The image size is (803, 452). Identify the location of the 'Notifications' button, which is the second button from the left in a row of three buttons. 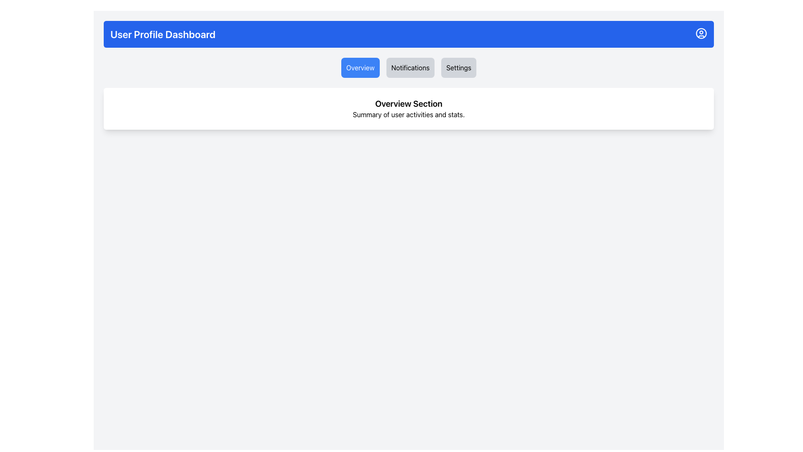
(410, 67).